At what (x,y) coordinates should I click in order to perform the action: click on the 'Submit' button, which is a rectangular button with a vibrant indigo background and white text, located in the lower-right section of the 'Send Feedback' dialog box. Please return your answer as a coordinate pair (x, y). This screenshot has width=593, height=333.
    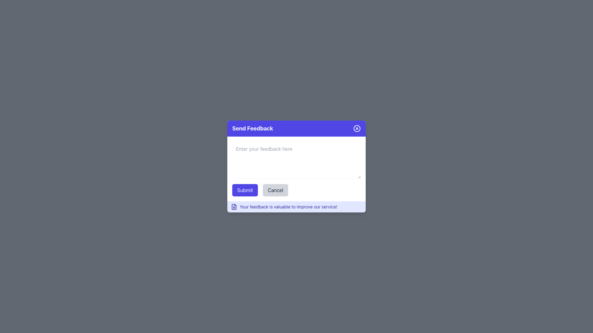
    Looking at the image, I should click on (245, 190).